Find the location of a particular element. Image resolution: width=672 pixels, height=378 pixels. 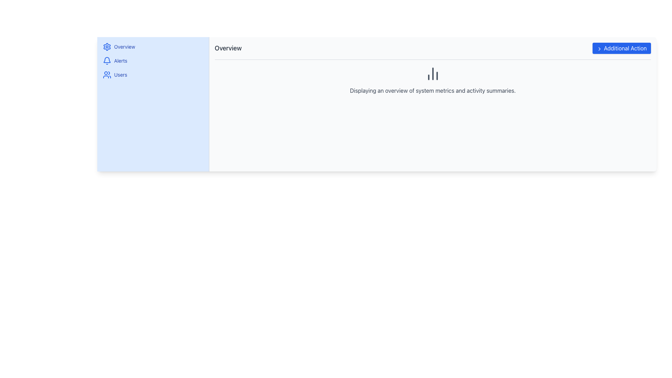

informative section header that displays an overview of system metrics and activity summaries, which includes a bar chart icon and centered gray text is located at coordinates (432, 79).